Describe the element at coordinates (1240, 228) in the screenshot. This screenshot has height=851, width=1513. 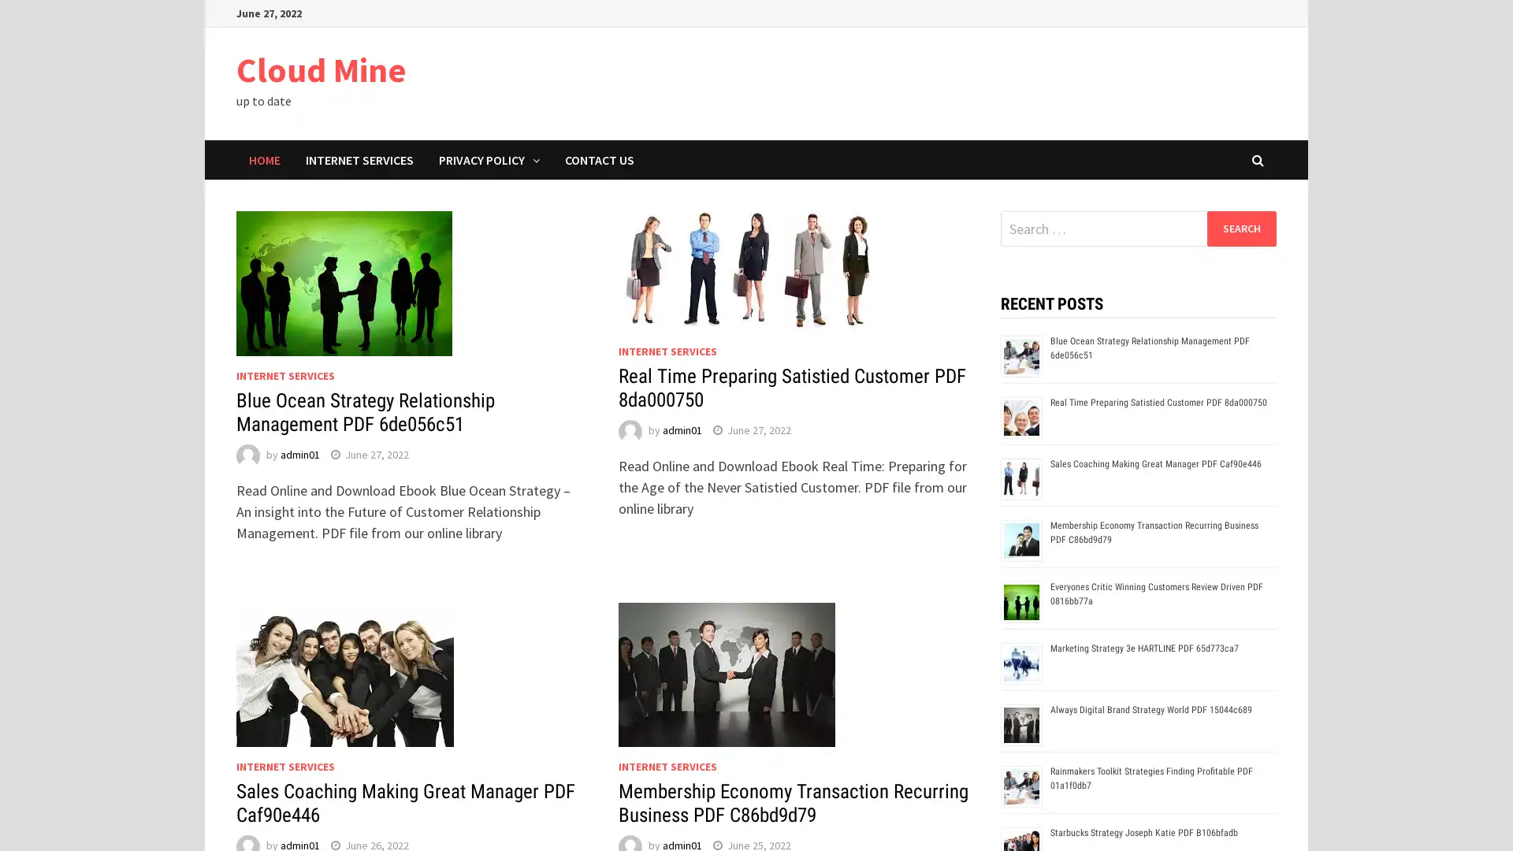
I see `Search` at that location.